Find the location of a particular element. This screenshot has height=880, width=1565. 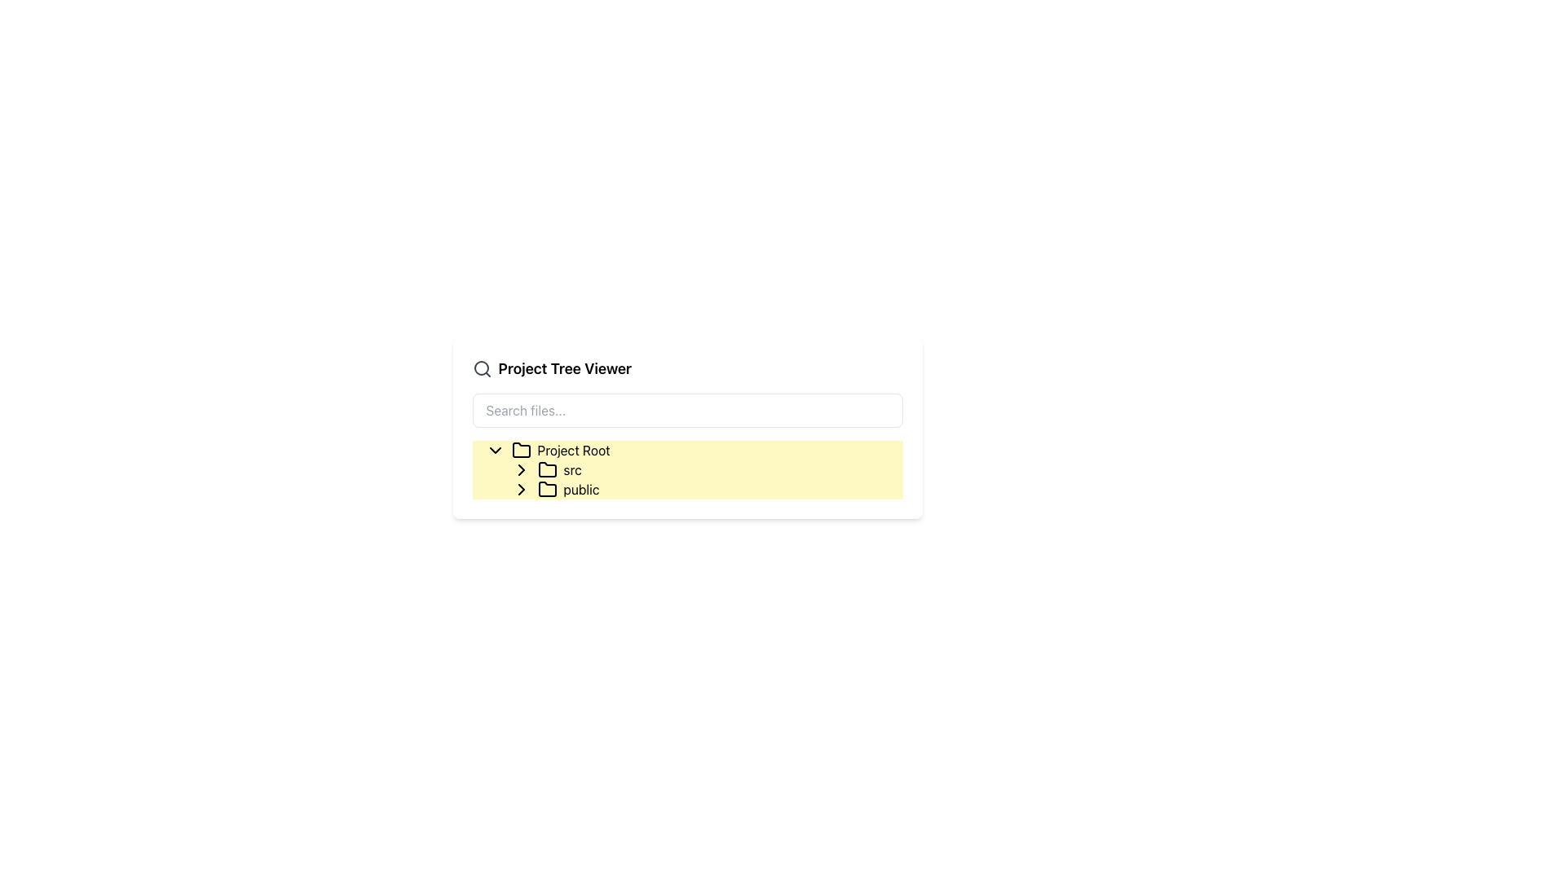

the 'Project Root' folder in the tree viewer is located at coordinates (694, 450).